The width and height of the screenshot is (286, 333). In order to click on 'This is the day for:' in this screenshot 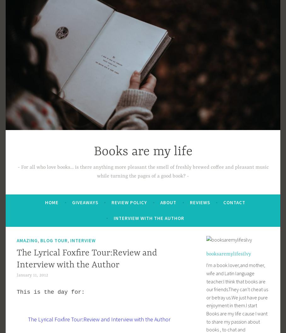, I will do `click(50, 292)`.